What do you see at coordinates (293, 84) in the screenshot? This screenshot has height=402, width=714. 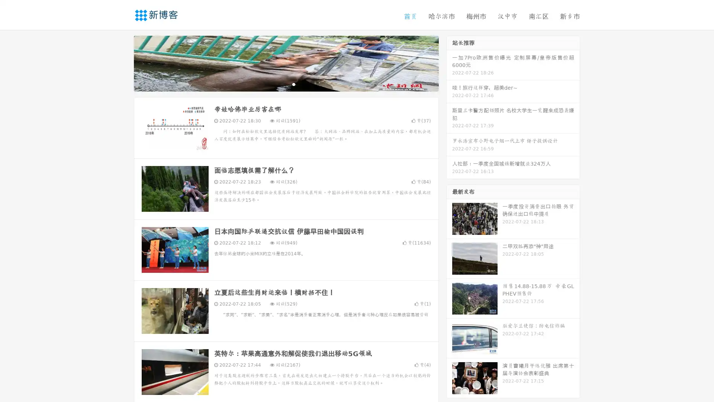 I see `Go to slide 3` at bounding box center [293, 84].